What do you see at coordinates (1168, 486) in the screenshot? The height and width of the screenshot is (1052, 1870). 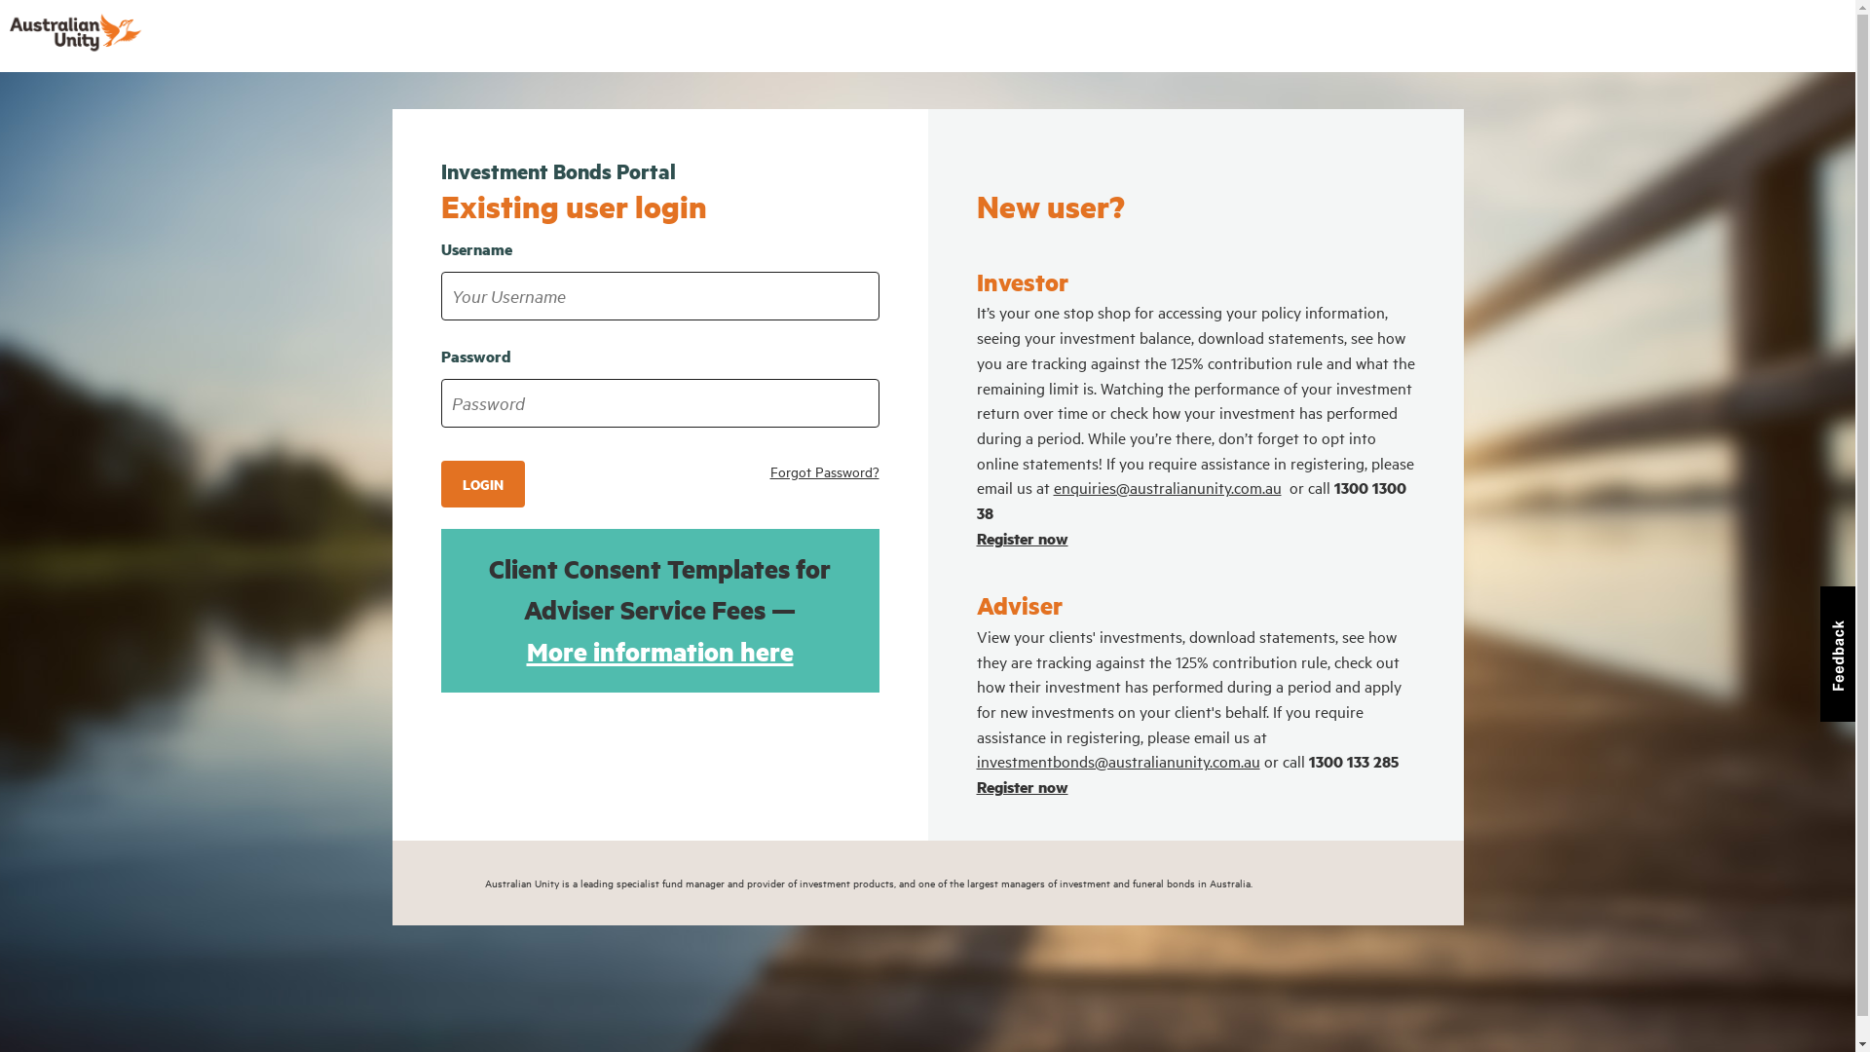 I see `'enquiries@australianunity.com.au'` at bounding box center [1168, 486].